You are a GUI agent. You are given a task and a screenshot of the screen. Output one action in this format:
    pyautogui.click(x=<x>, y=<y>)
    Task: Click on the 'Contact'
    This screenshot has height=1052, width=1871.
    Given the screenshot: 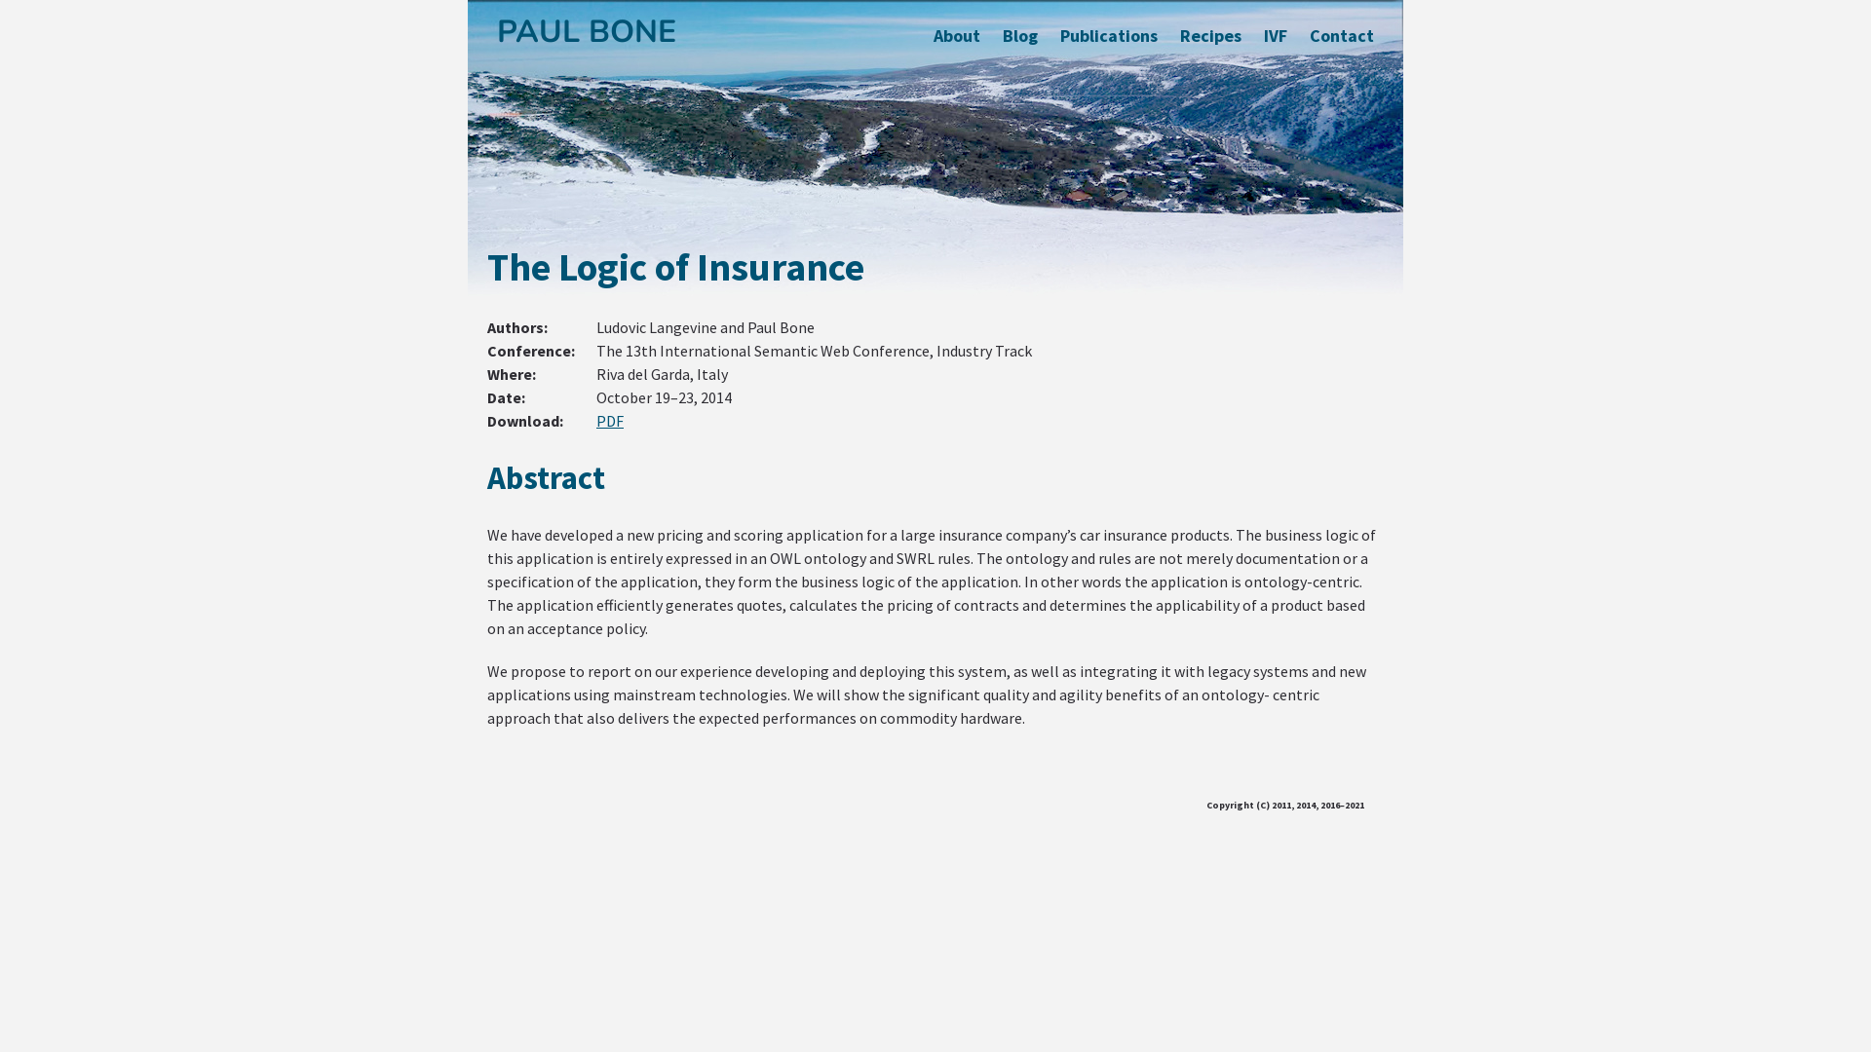 What is the action you would take?
    pyautogui.click(x=1341, y=35)
    